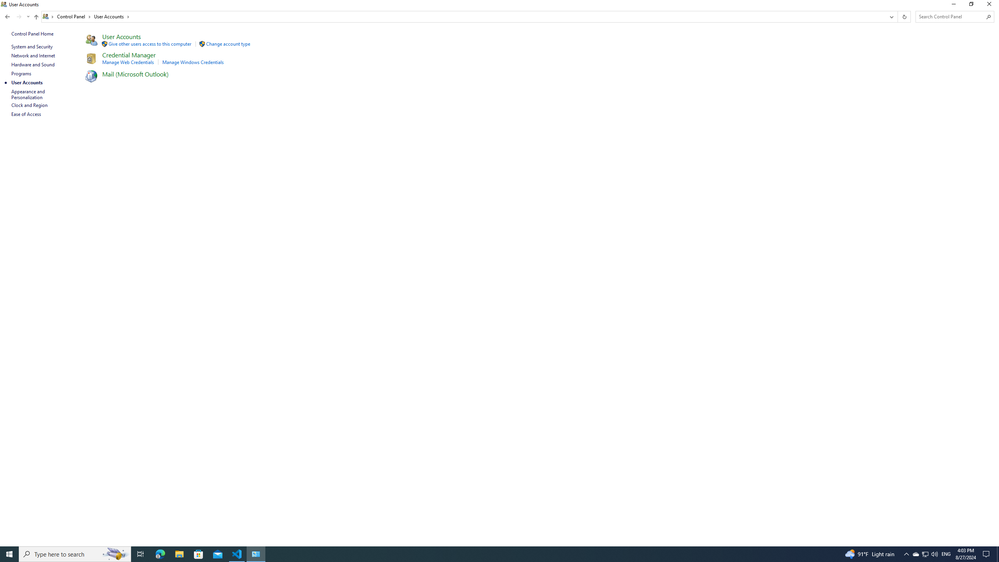 This screenshot has height=562, width=999. What do you see at coordinates (29, 105) in the screenshot?
I see `'Clock and Region'` at bounding box center [29, 105].